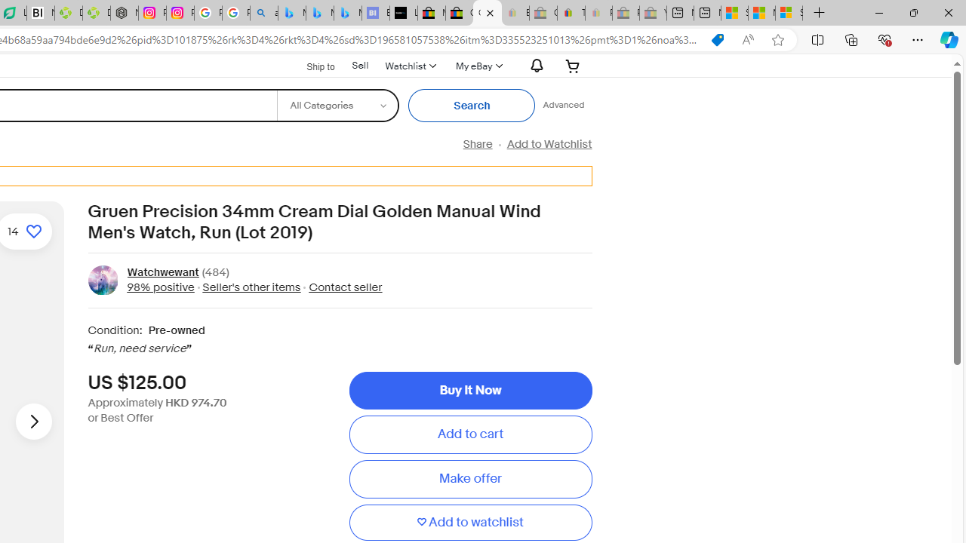  I want to click on 'Your shopping cart', so click(572, 65).